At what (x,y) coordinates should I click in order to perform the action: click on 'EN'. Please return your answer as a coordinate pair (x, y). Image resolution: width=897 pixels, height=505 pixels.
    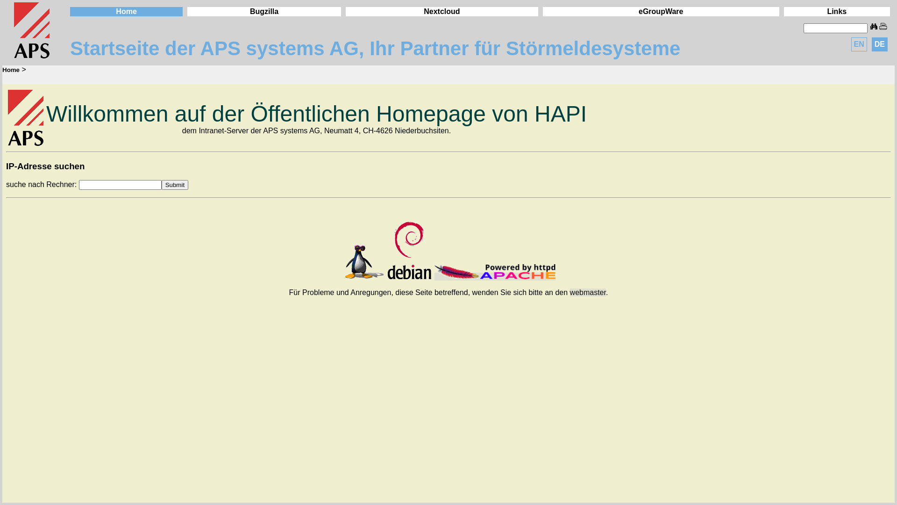
    Looking at the image, I should click on (851, 44).